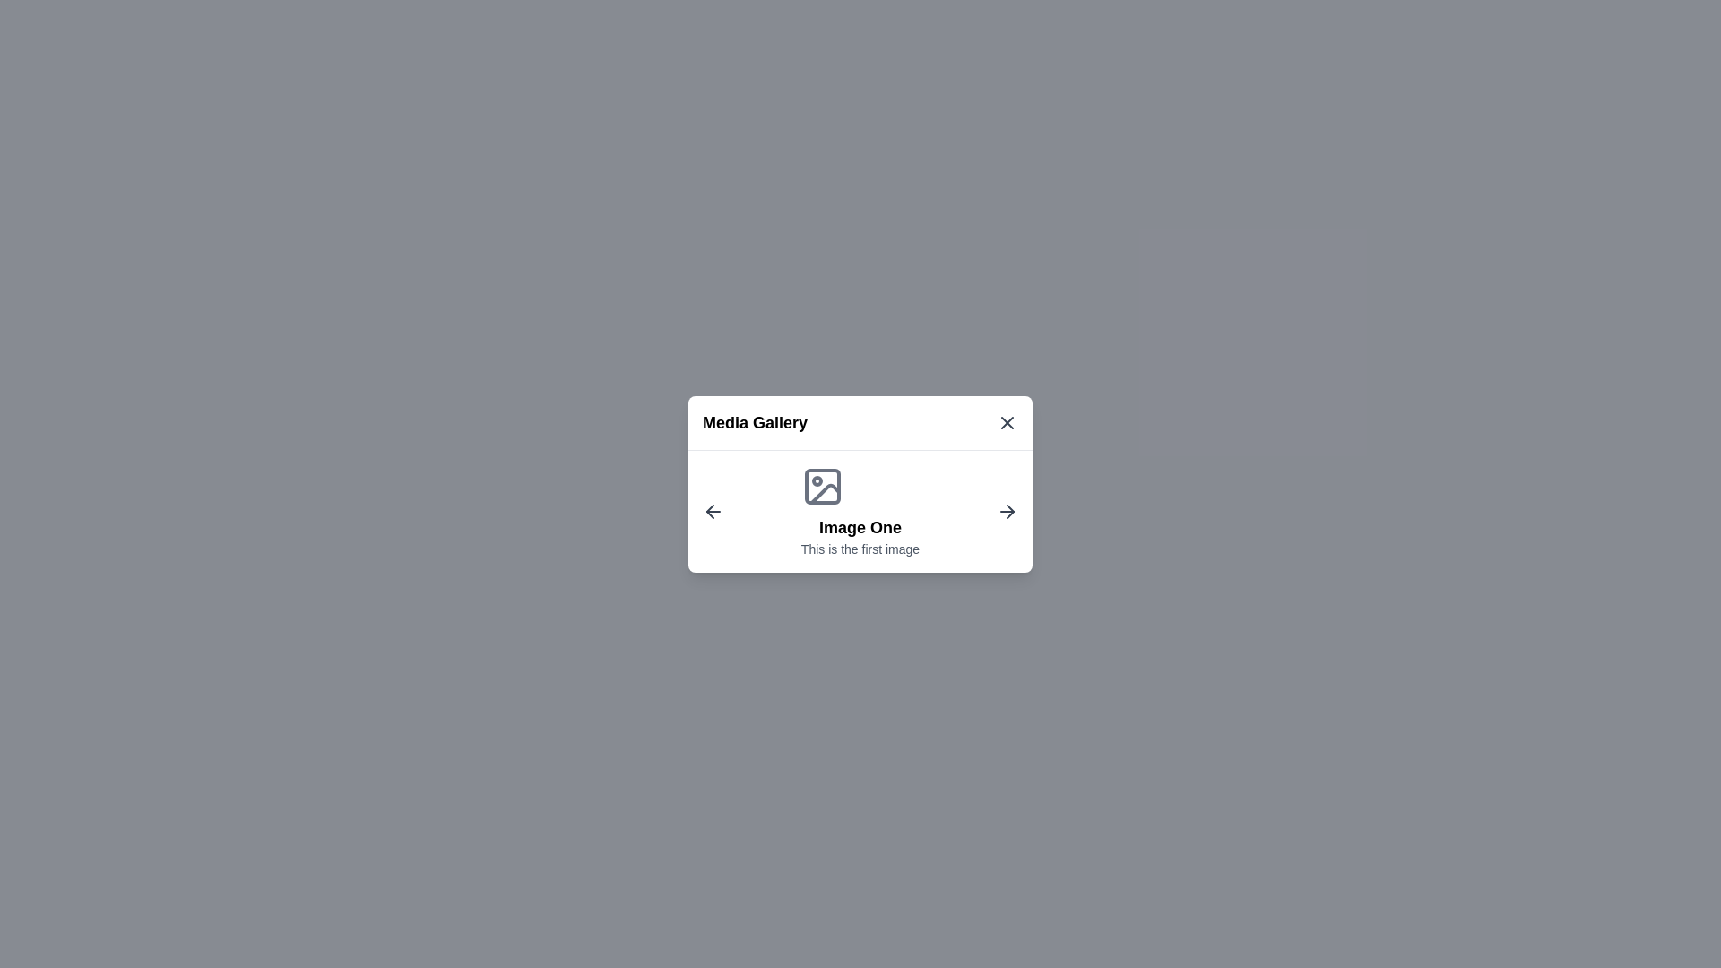 The image size is (1721, 968). Describe the element at coordinates (860, 548) in the screenshot. I see `the descriptive text located directly below 'Image One' within the 'Media Gallery' dialog box` at that location.